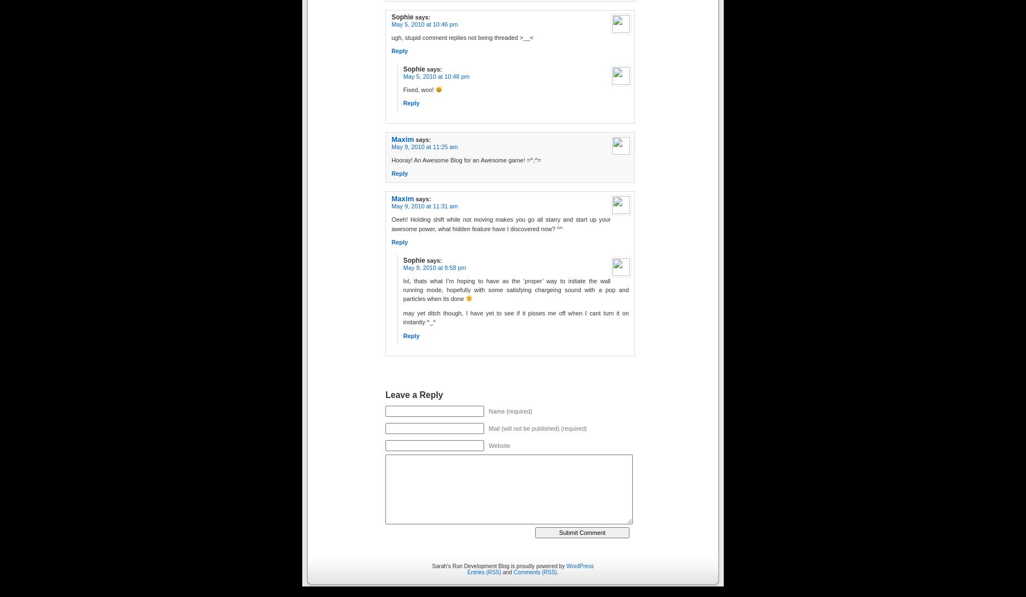  What do you see at coordinates (579, 565) in the screenshot?
I see `'WordPress'` at bounding box center [579, 565].